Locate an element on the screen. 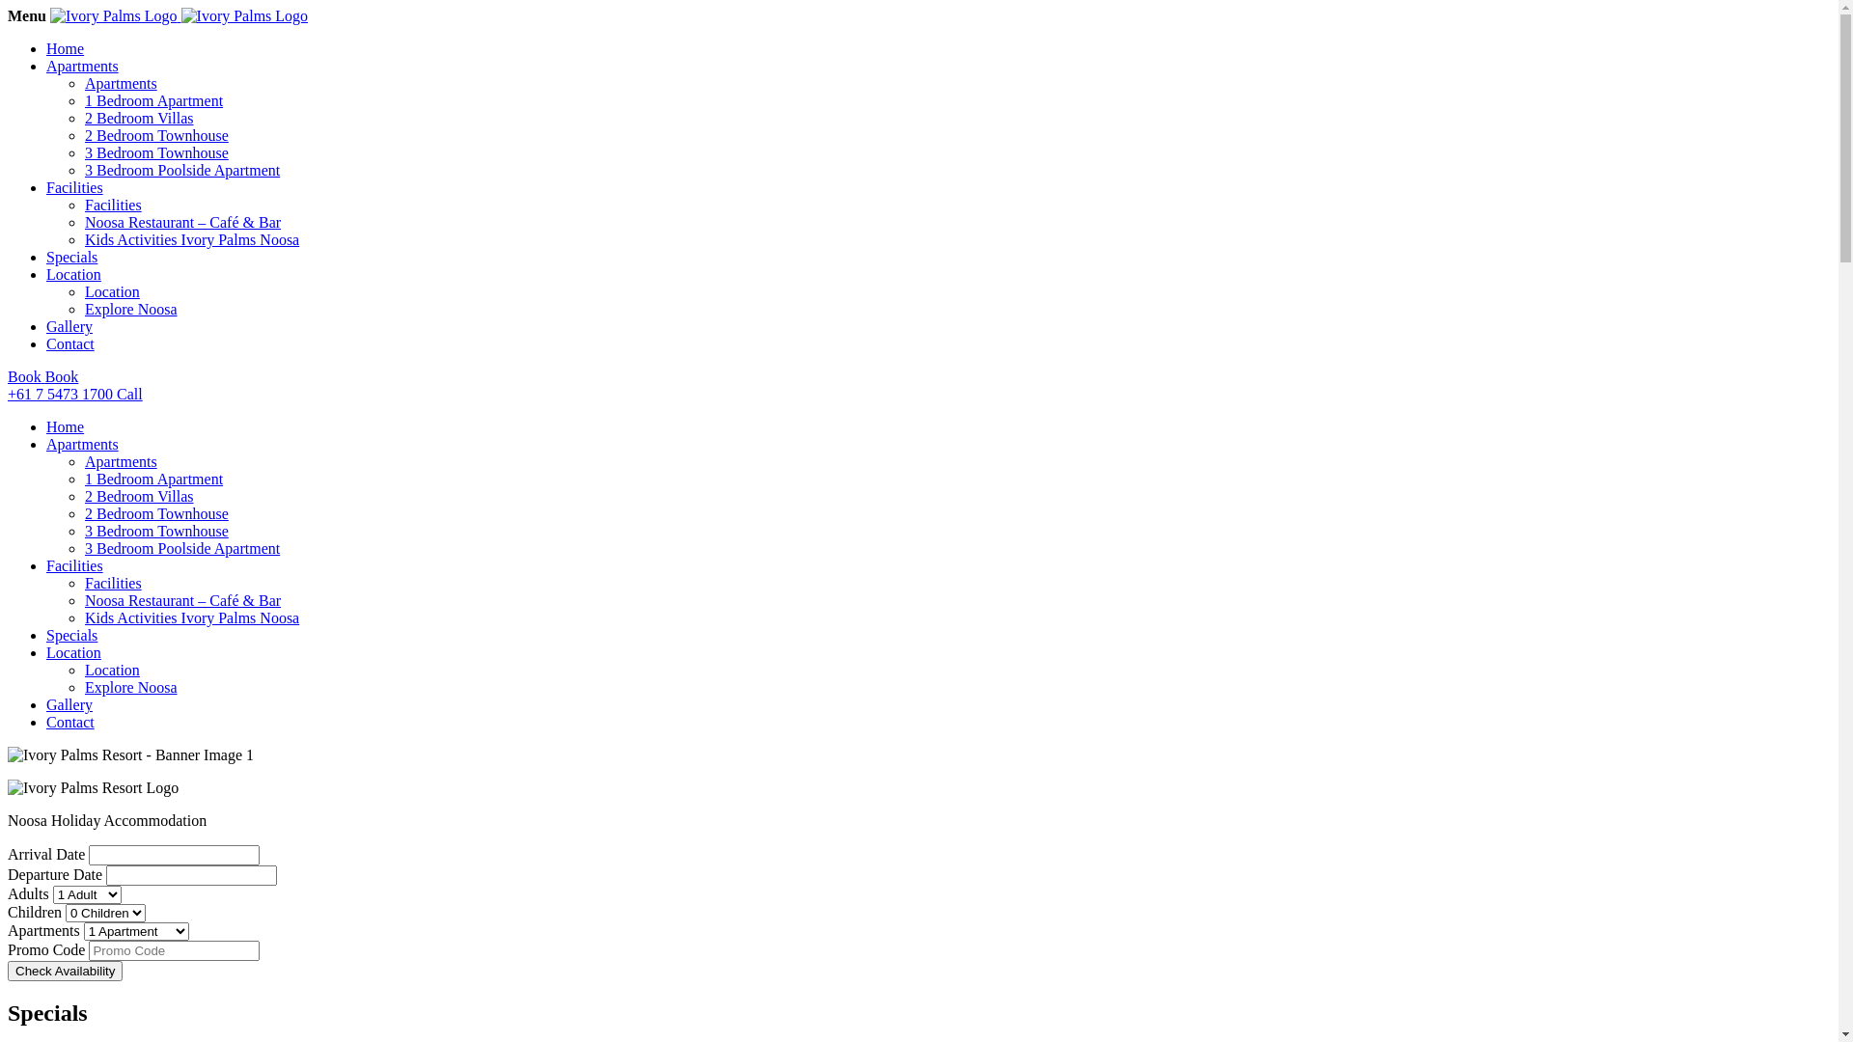  'Kids Activities Ivory Palms Noosa' is located at coordinates (191, 617).